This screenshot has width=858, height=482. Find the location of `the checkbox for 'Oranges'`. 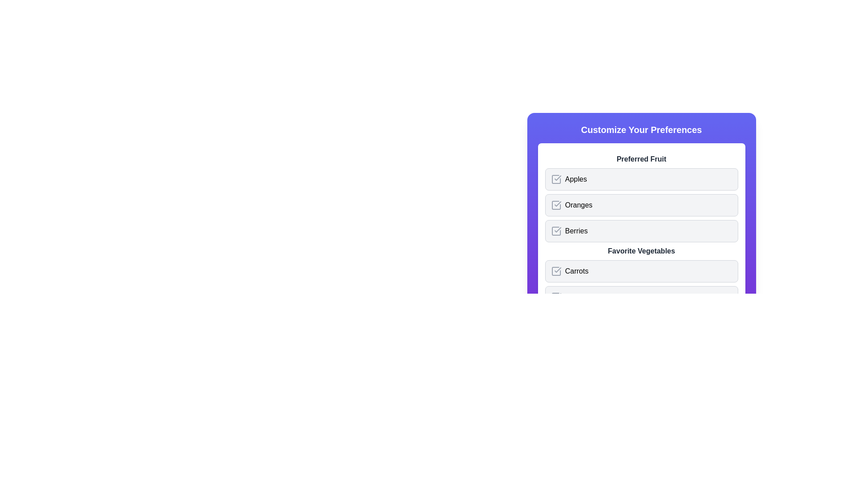

the checkbox for 'Oranges' is located at coordinates (555, 205).